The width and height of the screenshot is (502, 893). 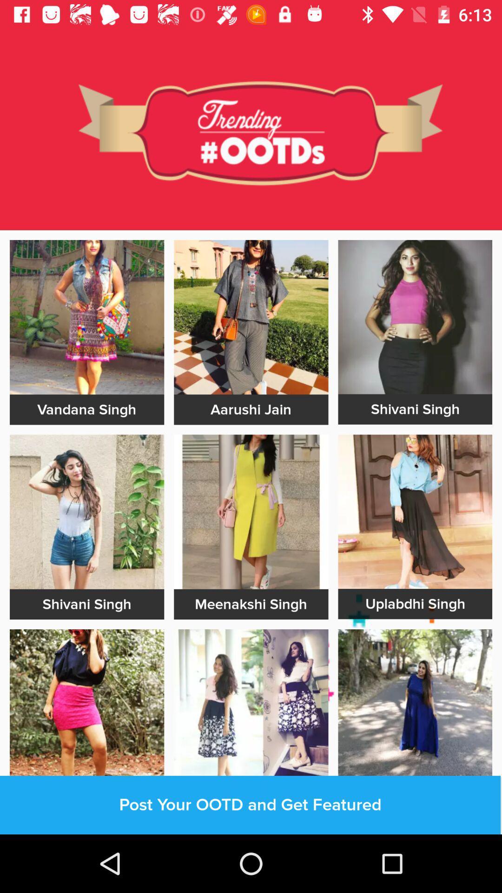 I want to click on dressing page, so click(x=415, y=511).